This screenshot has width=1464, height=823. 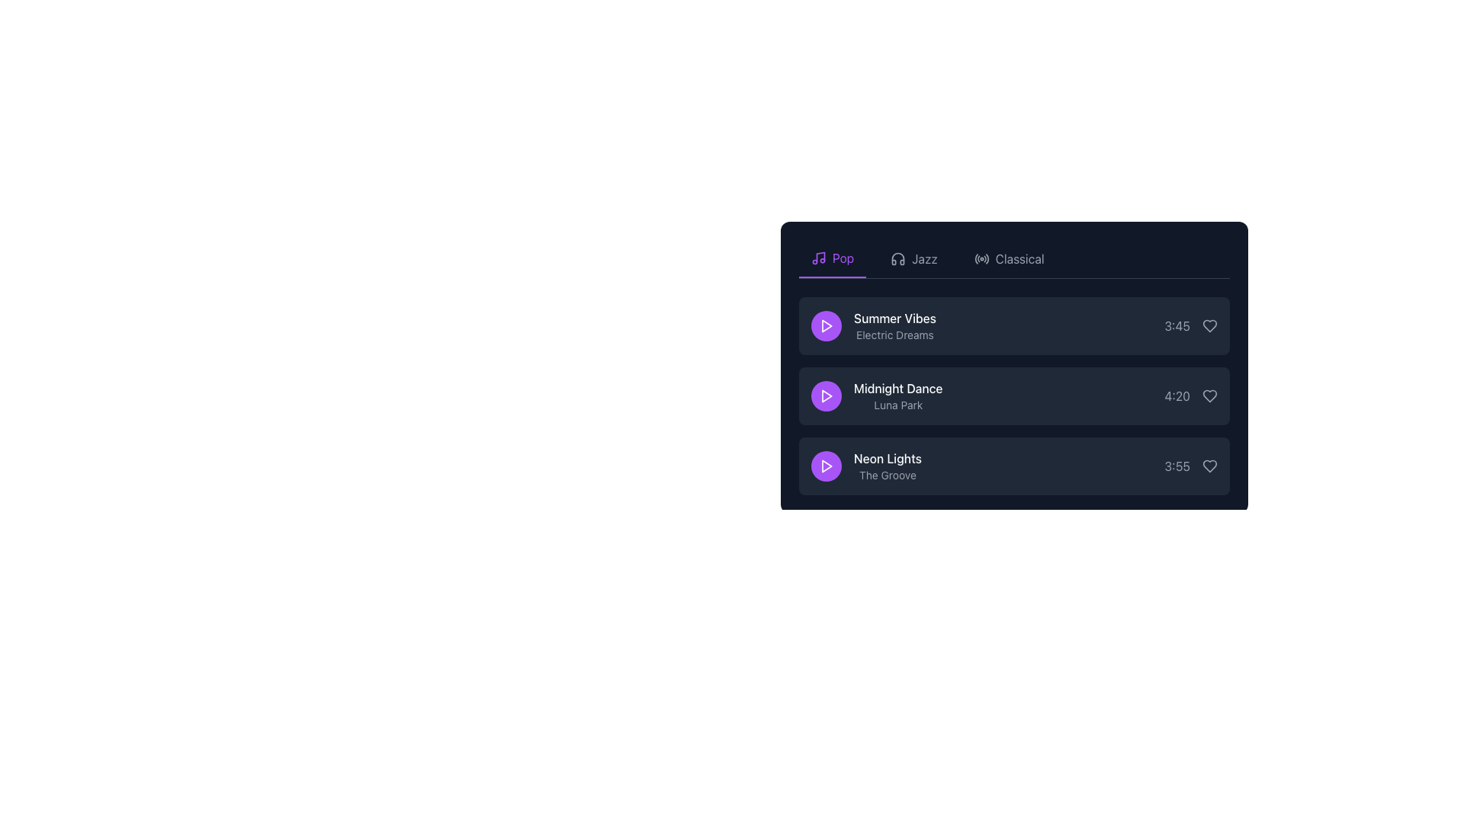 I want to click on the music note icon with a purple outline located in the top-left corner of the 'Pop' tab, adjacent to the 'Pop' text, so click(x=818, y=258).